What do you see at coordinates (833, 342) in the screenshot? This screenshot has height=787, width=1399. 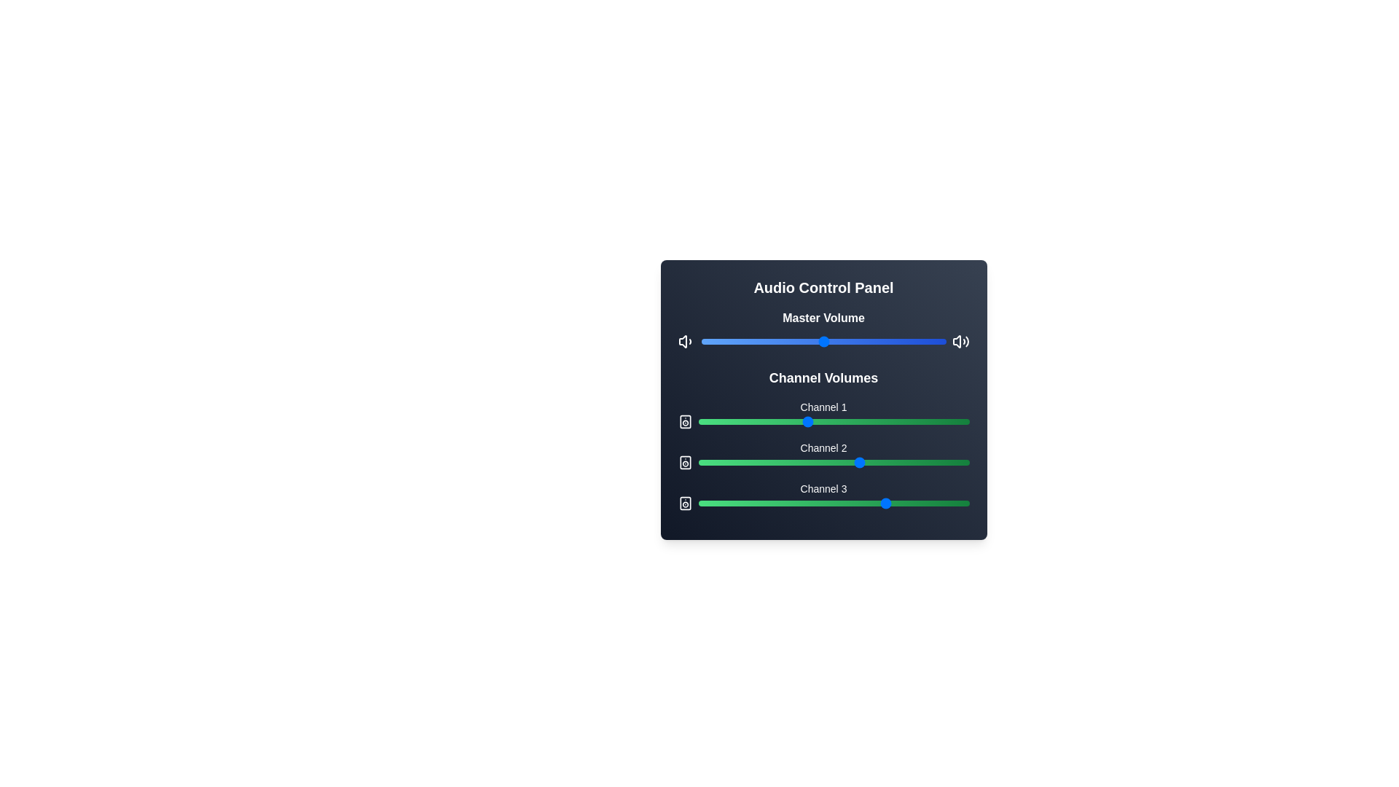 I see `the master volume` at bounding box center [833, 342].